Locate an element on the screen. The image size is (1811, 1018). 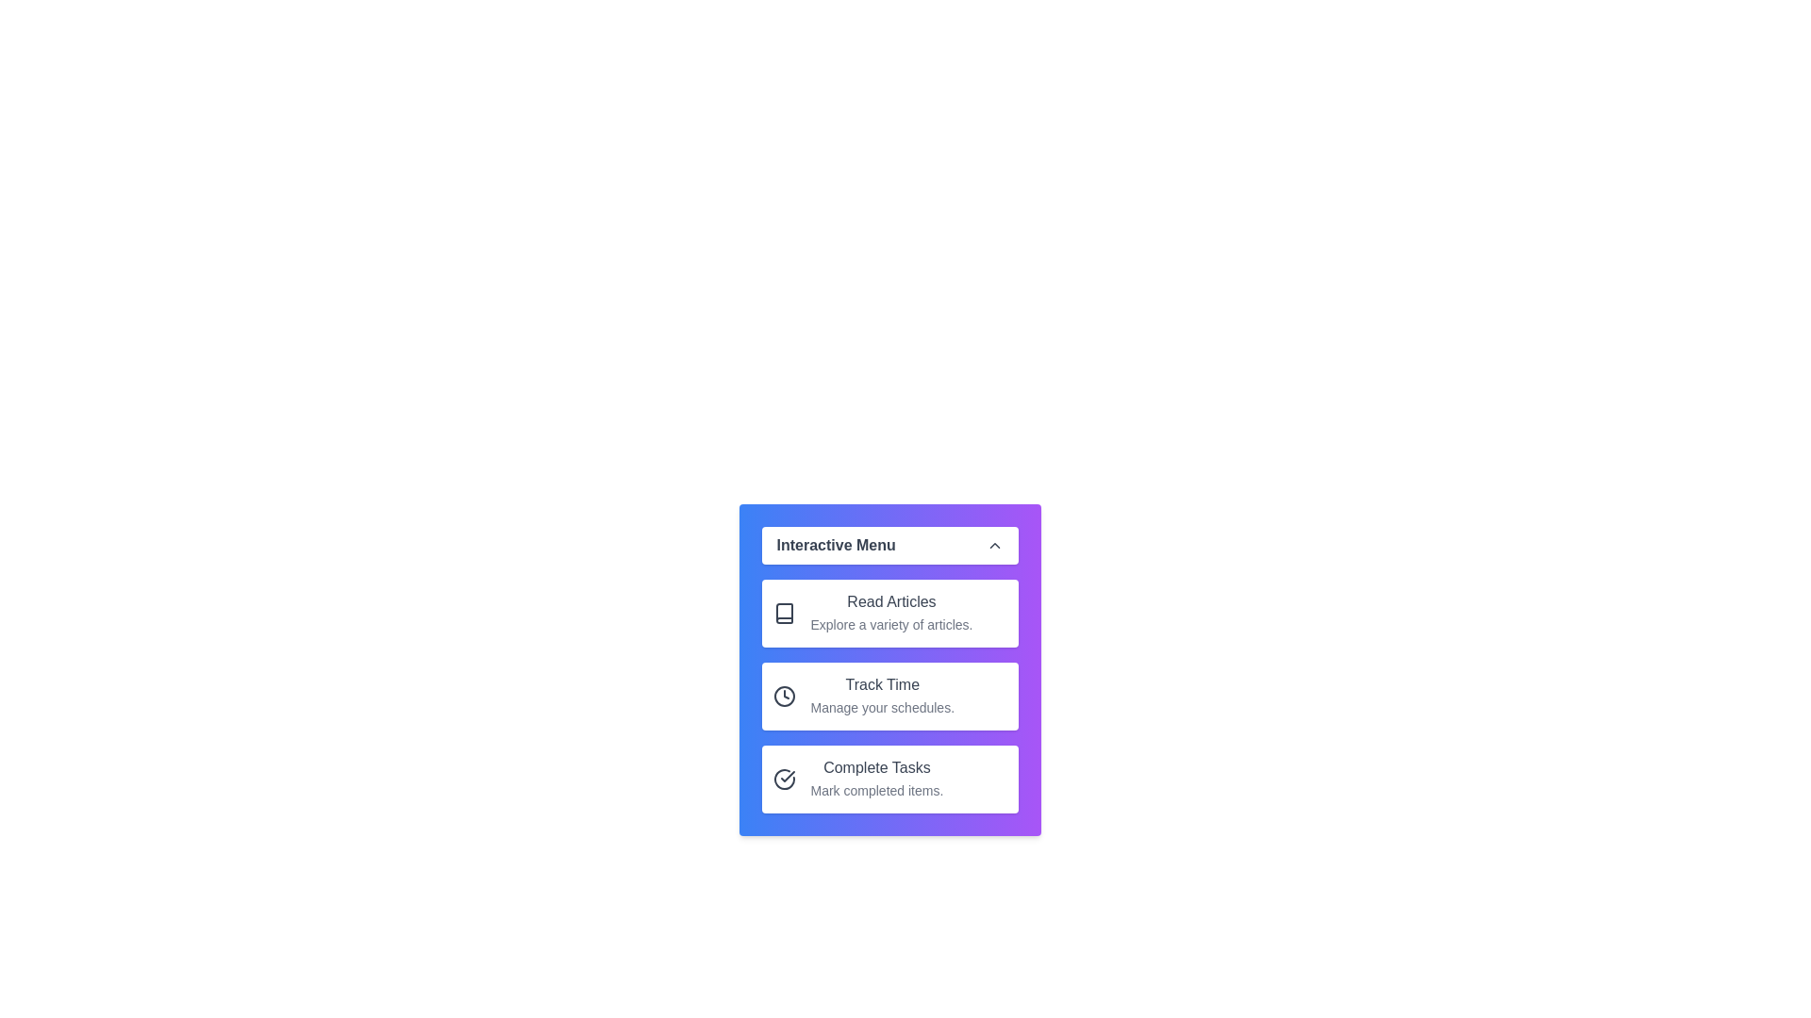
the menu item labeled 'Read Articles' to observe the hover effect is located at coordinates (889, 614).